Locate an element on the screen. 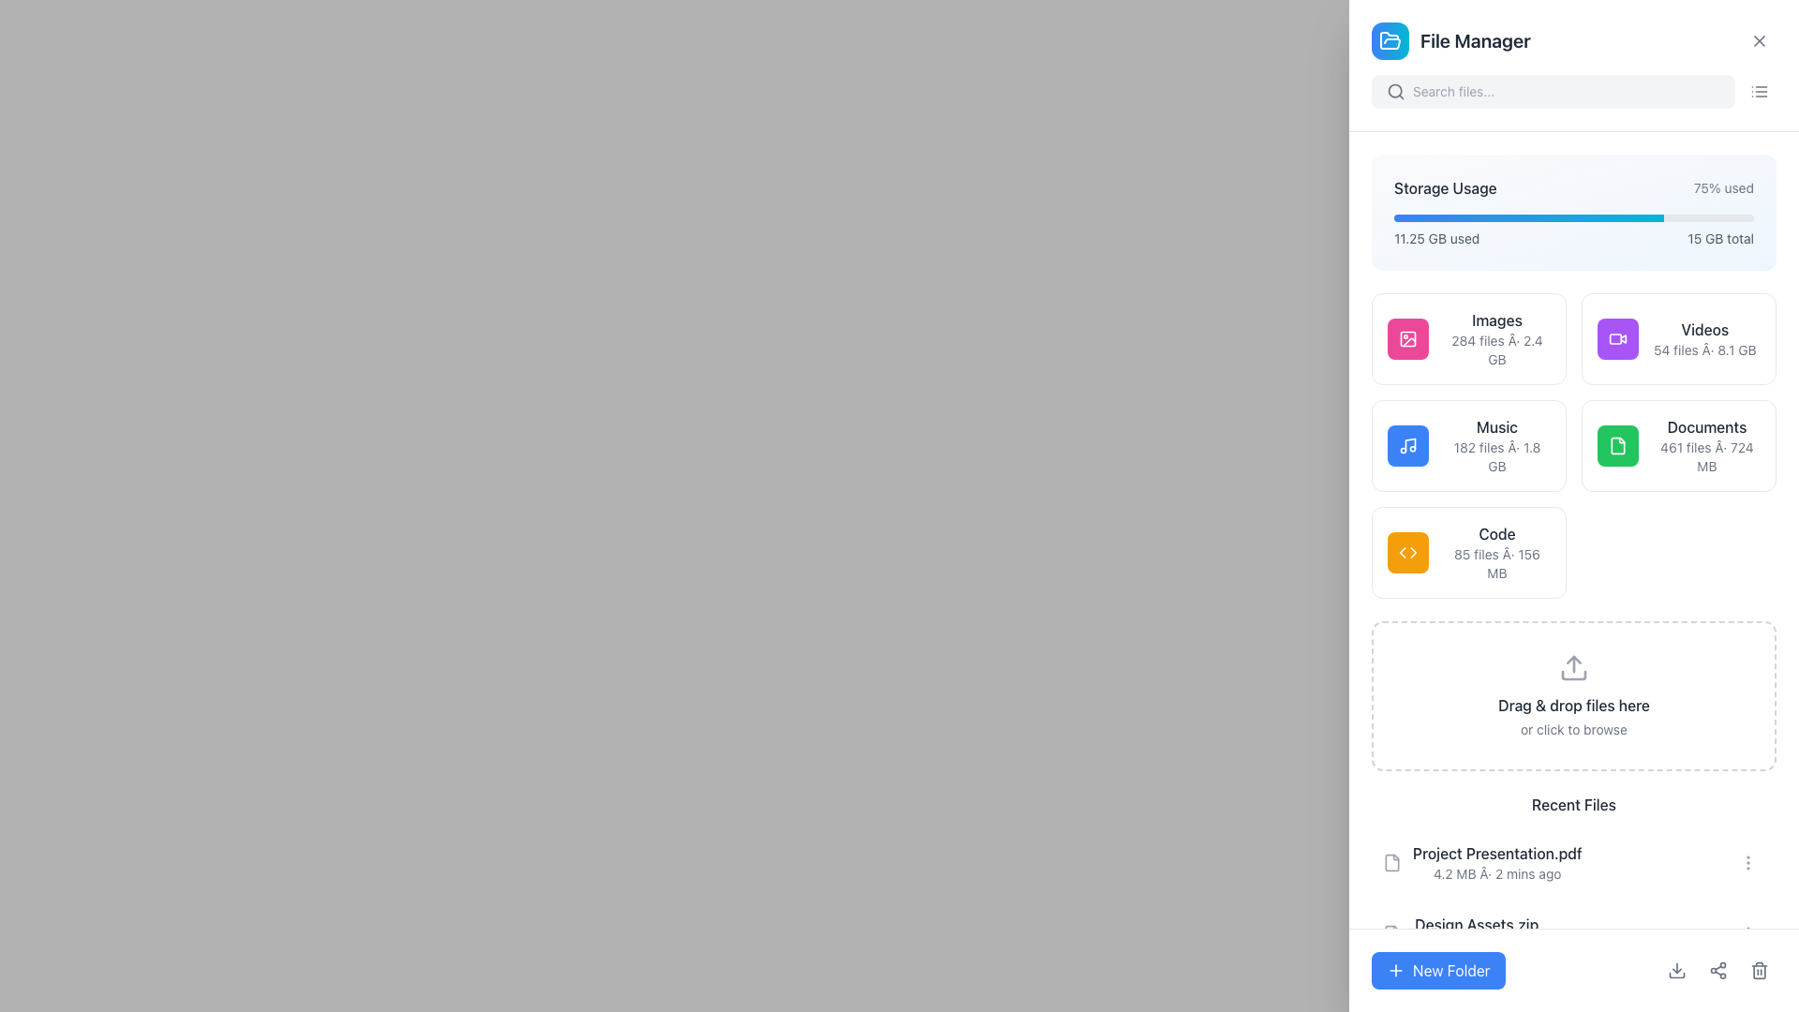  the file name 'Project Presentation.pdf' in the Recent Files section is located at coordinates (1481, 863).